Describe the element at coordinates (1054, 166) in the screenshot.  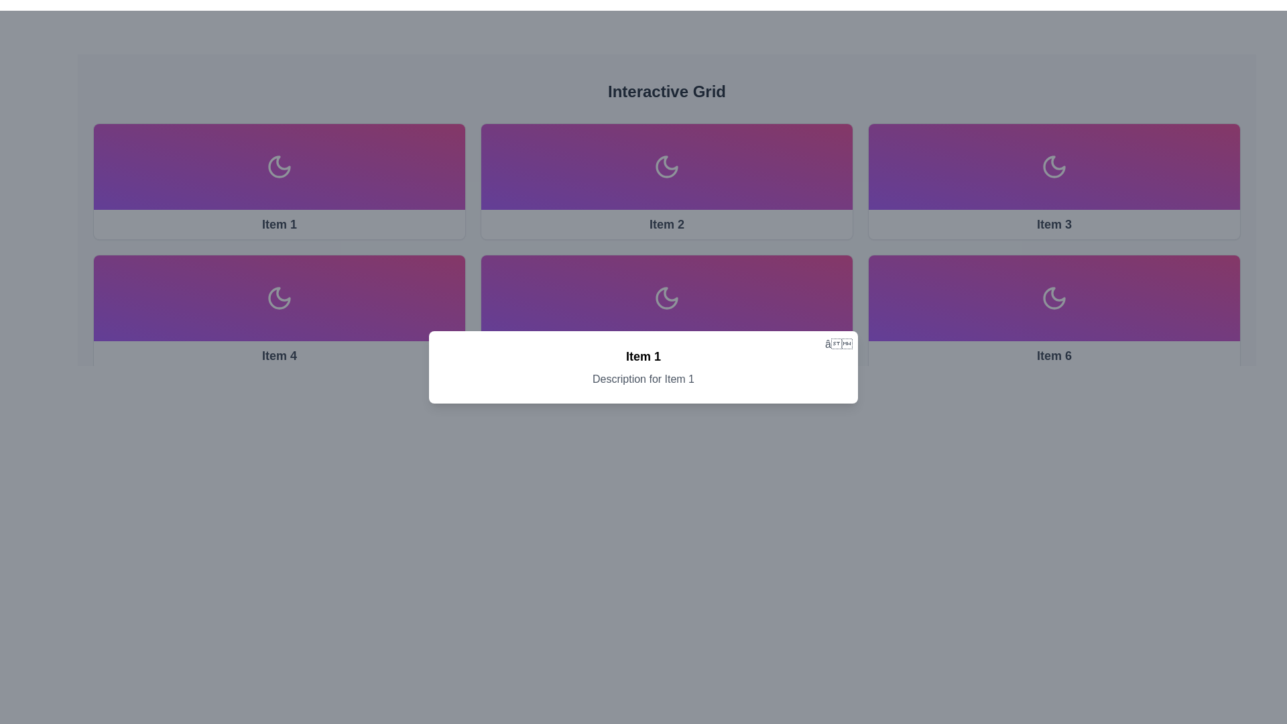
I see `the moon icon representing 'Item 3' in the top row of the grid` at that location.